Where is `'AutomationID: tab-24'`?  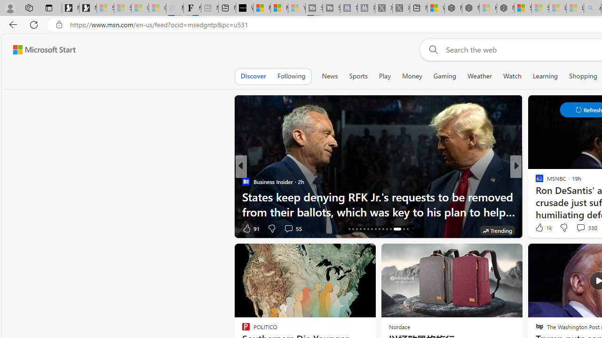
'AutomationID: tab-24' is located at coordinates (380, 229).